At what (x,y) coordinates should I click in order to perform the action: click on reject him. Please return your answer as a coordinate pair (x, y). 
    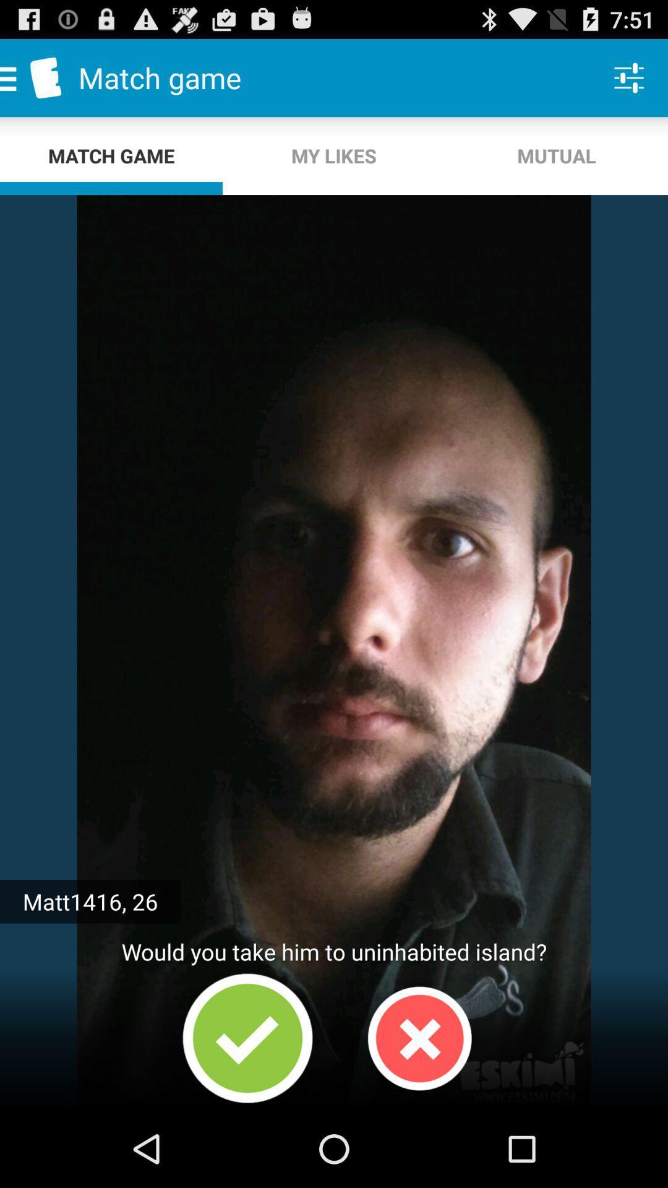
    Looking at the image, I should click on (419, 1038).